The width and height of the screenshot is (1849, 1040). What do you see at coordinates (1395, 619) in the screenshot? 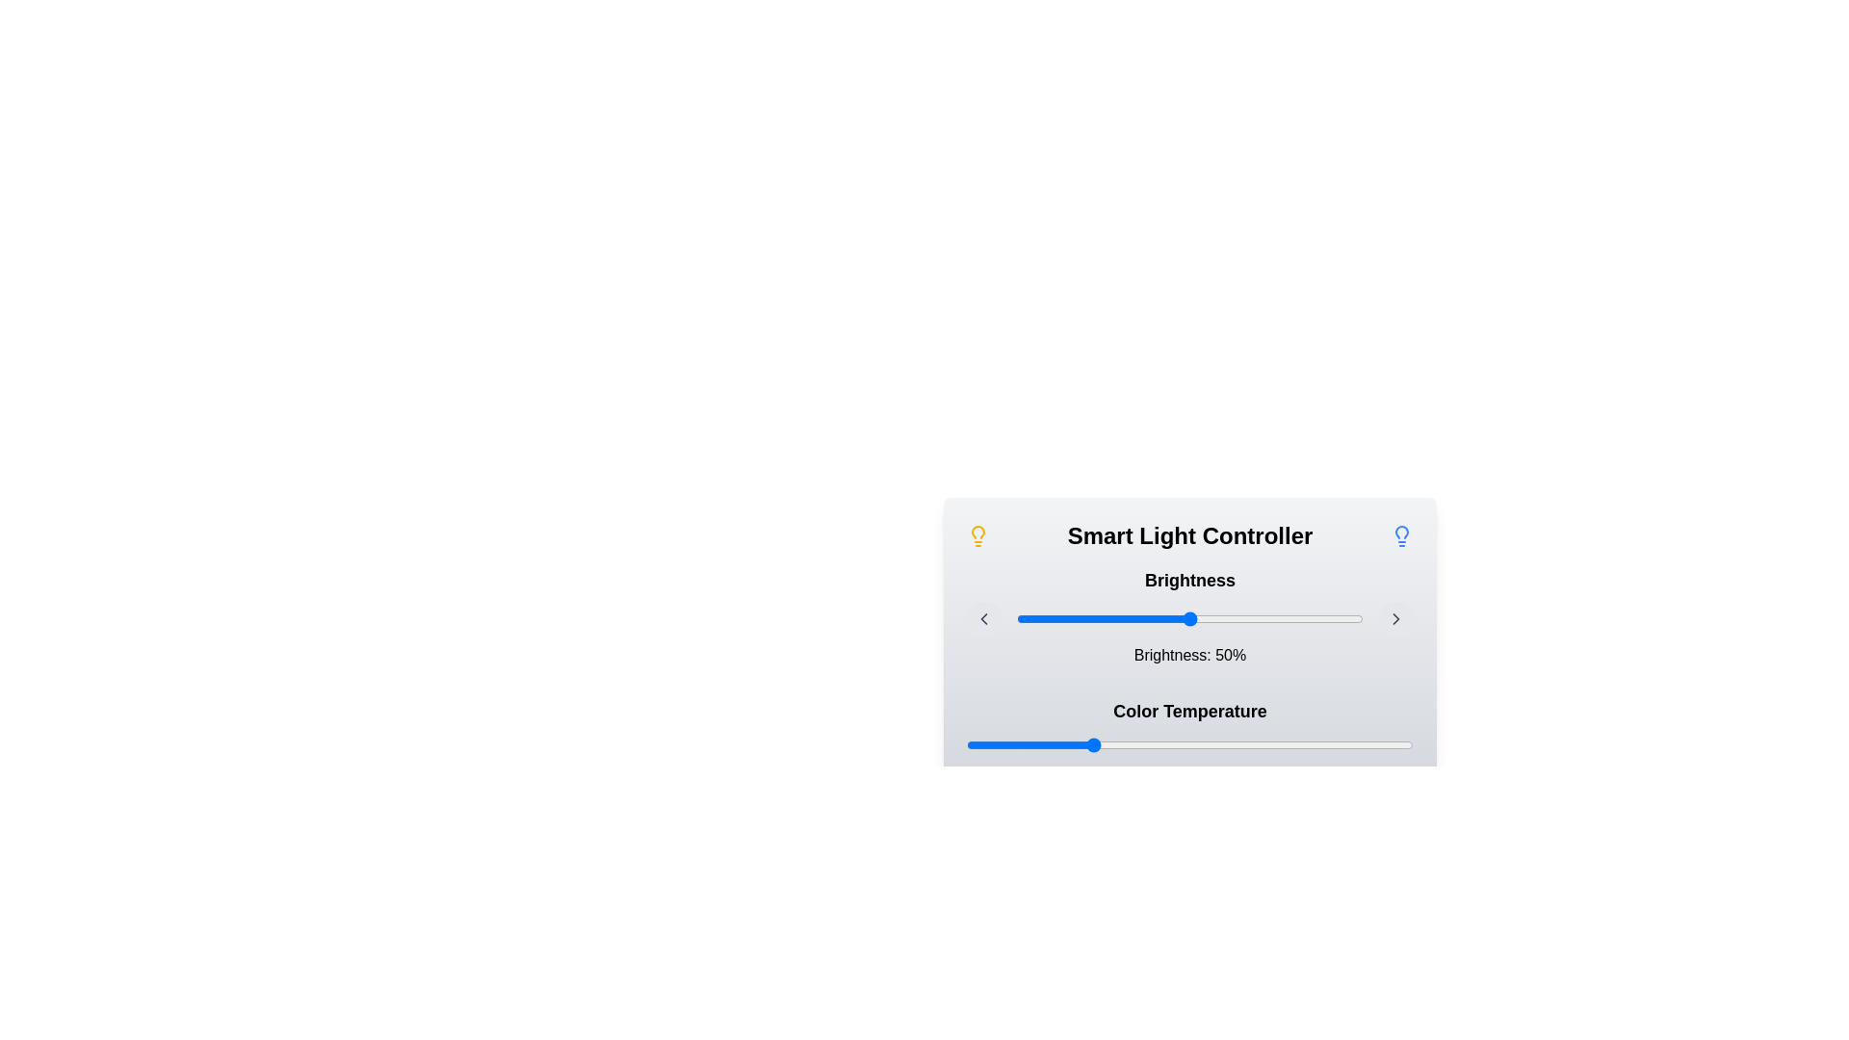
I see `the chevron right icon located at the top-right corner of the Smart Light Controller interface` at bounding box center [1395, 619].